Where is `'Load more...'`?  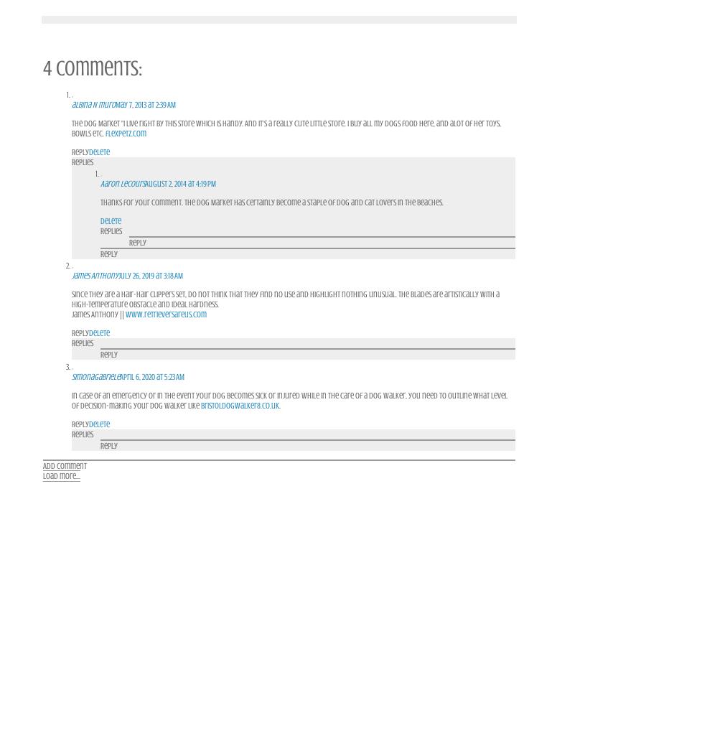 'Load more...' is located at coordinates (60, 475).